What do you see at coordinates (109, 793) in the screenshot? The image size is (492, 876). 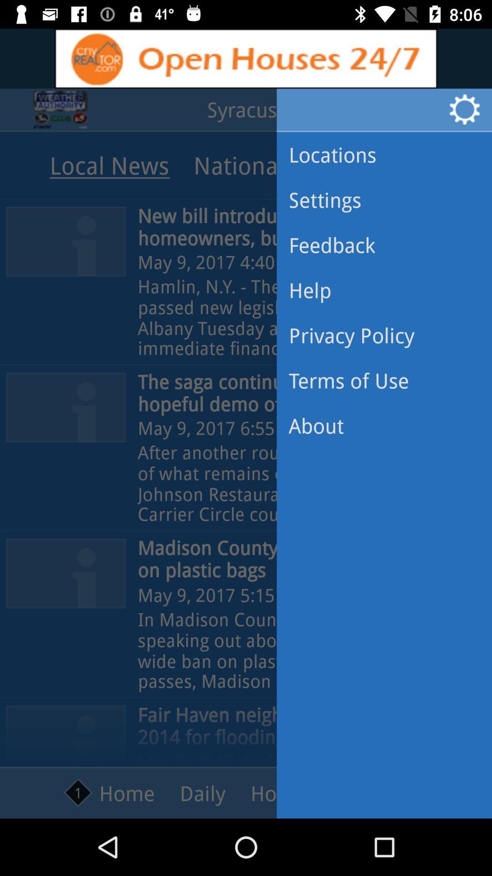 I see `home which is beside daily` at bounding box center [109, 793].